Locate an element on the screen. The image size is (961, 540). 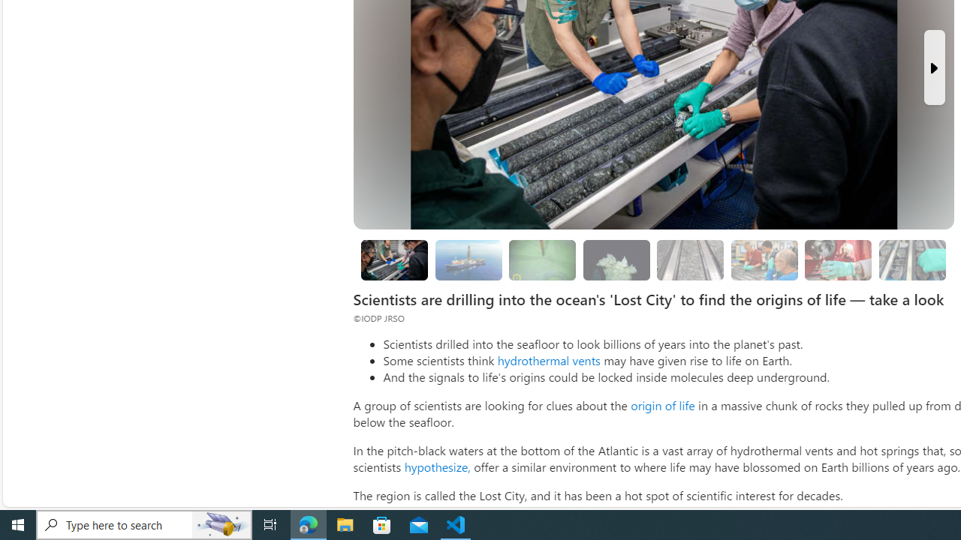
'The Lost City could hold clues to the origin of life.' is located at coordinates (616, 259).